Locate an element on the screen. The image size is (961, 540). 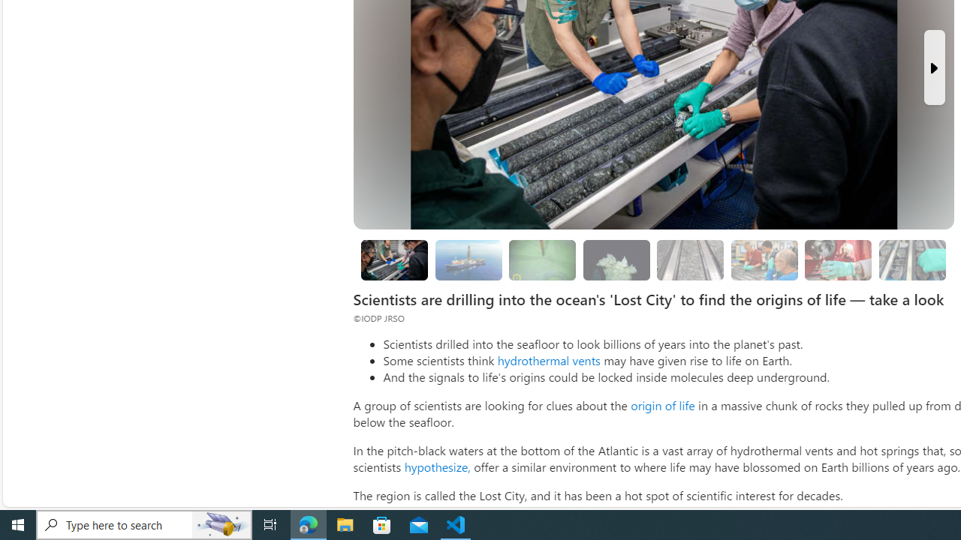
'The Lost City could hold clues to the origin of life.' is located at coordinates (616, 259).